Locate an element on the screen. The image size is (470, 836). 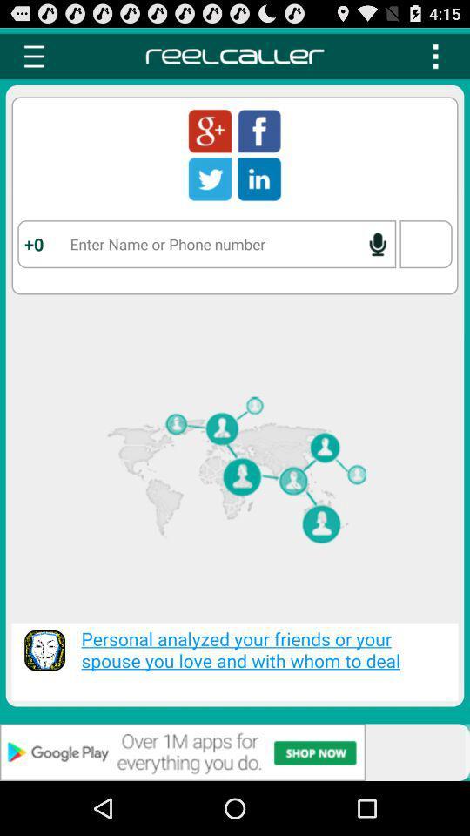
the book icon is located at coordinates (258, 191).